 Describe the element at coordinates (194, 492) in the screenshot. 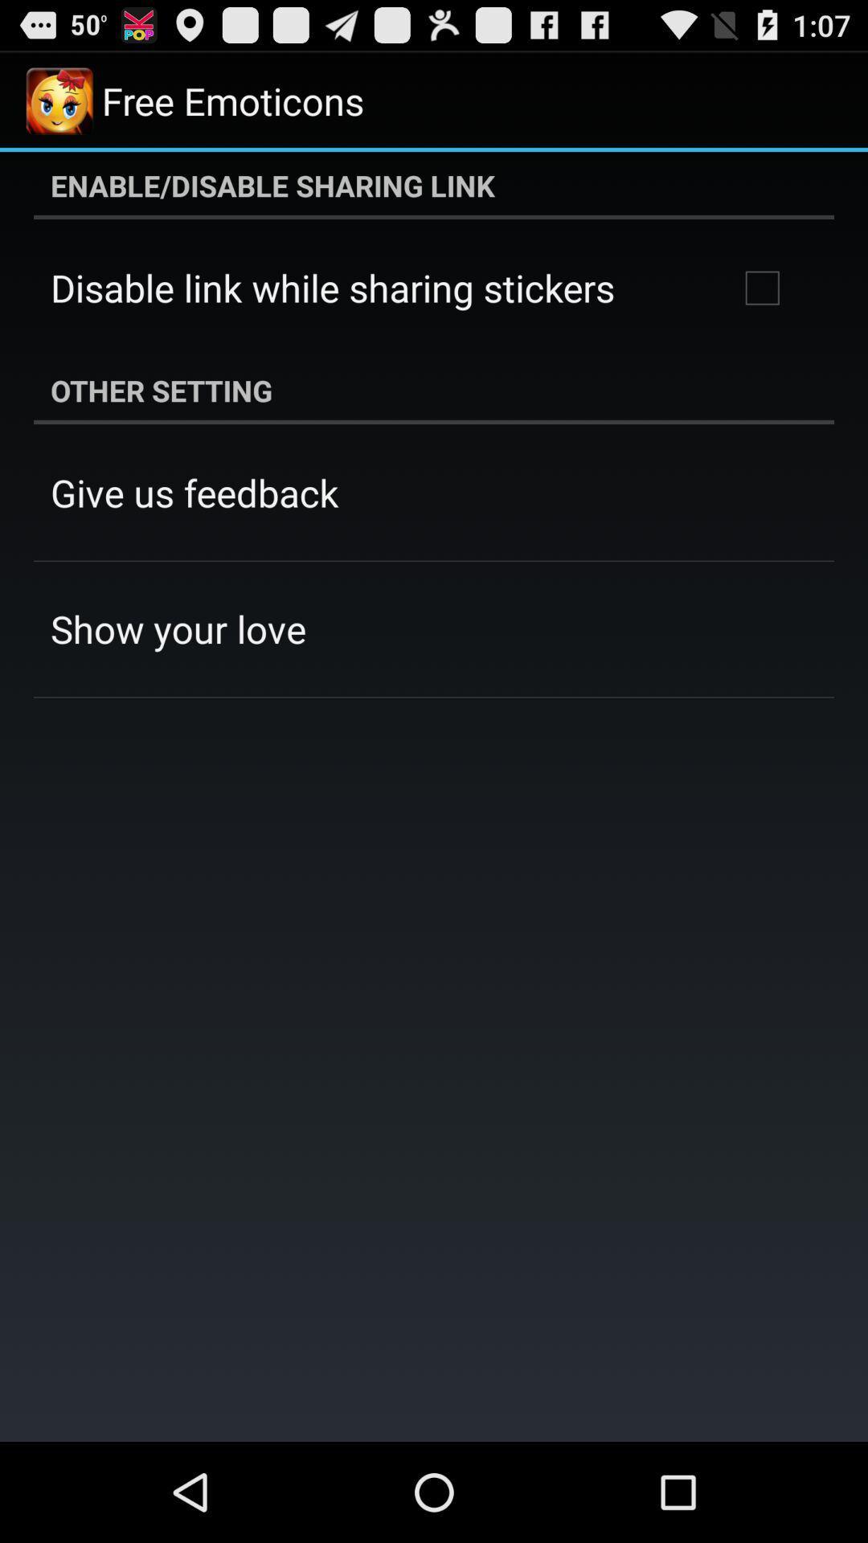

I see `the give us feedback` at that location.